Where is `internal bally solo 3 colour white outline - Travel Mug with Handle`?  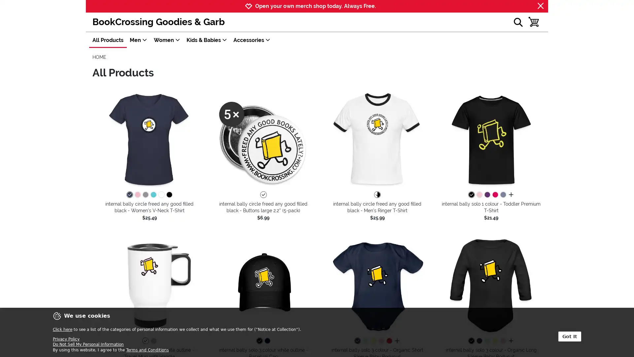
internal bally solo 3 colour white outline - Travel Mug with Handle is located at coordinates (149, 285).